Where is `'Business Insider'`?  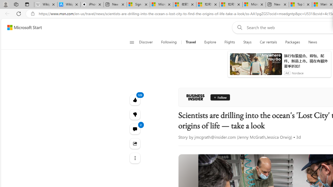
'Business Insider' is located at coordinates (195, 97).